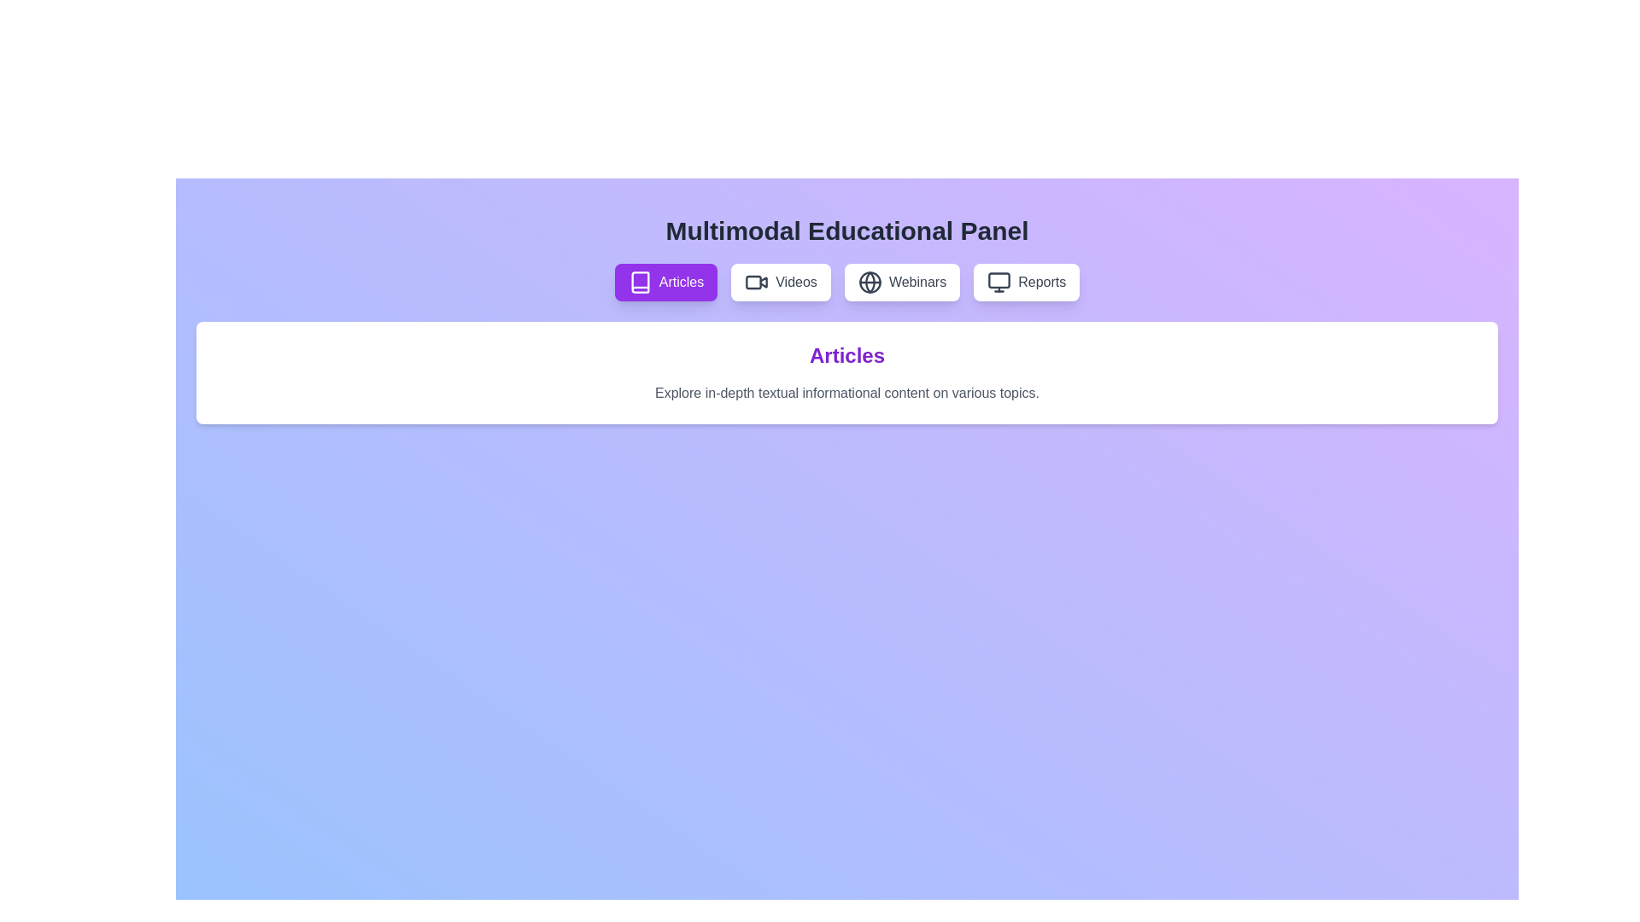 The image size is (1640, 922). What do you see at coordinates (780, 282) in the screenshot?
I see `the navigation button located between the 'Articles' and 'Webinars' buttons to trigger a visual animation` at bounding box center [780, 282].